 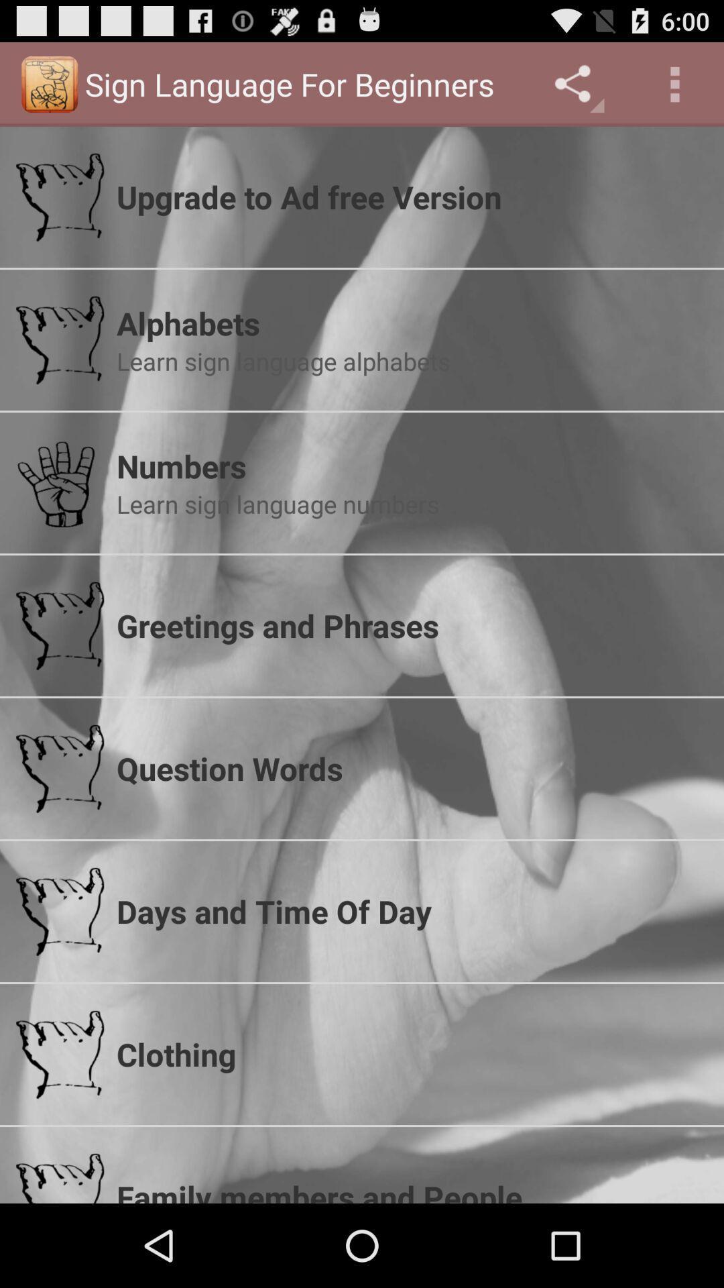 I want to click on greetings and phrases, so click(x=411, y=625).